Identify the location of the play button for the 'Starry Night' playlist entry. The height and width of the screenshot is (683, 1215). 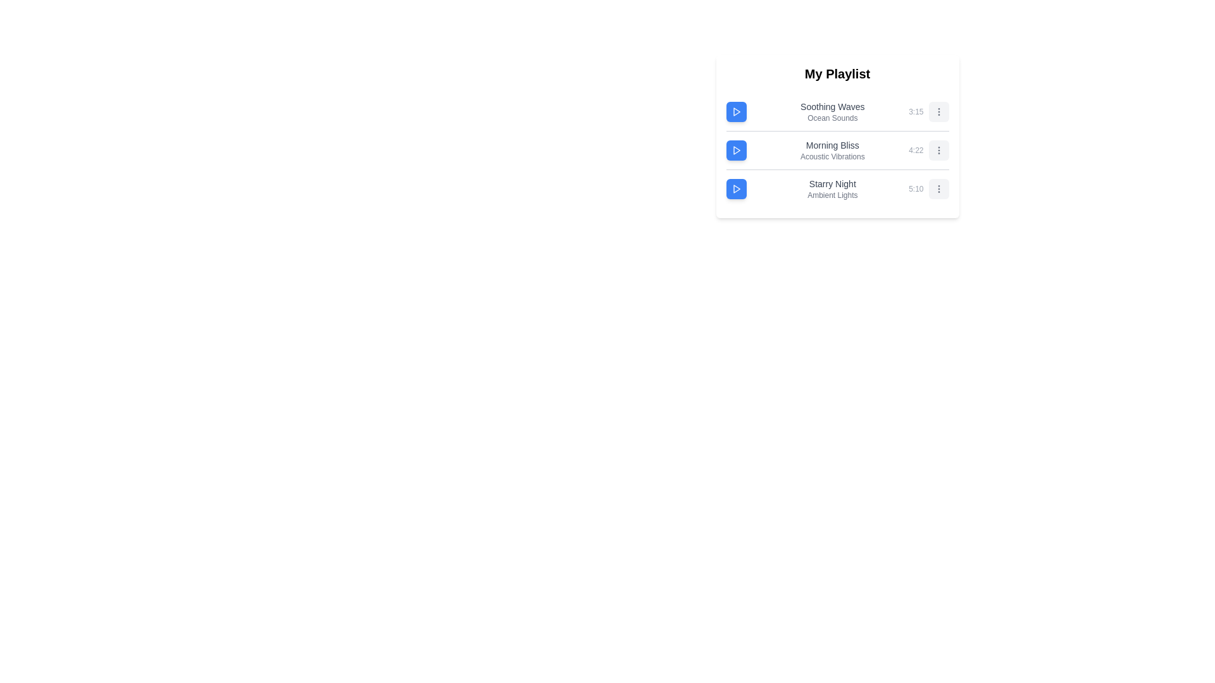
(736, 189).